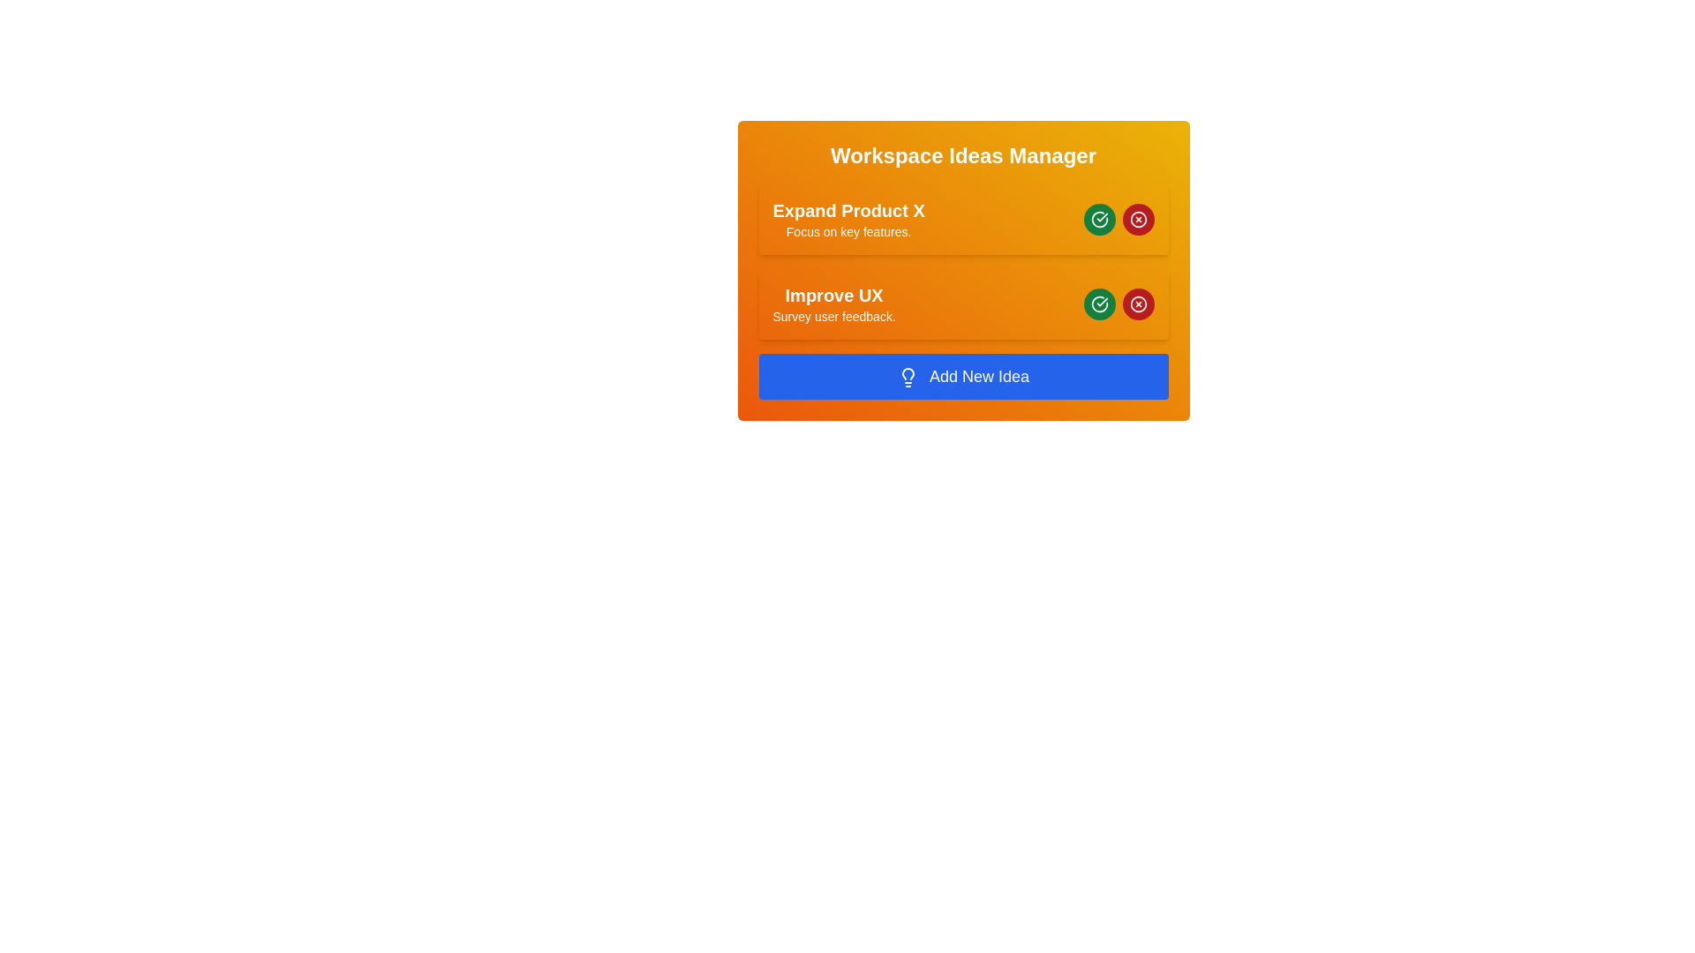  What do you see at coordinates (1138, 219) in the screenshot?
I see `the delete icon button associated with 'Improve UX'` at bounding box center [1138, 219].